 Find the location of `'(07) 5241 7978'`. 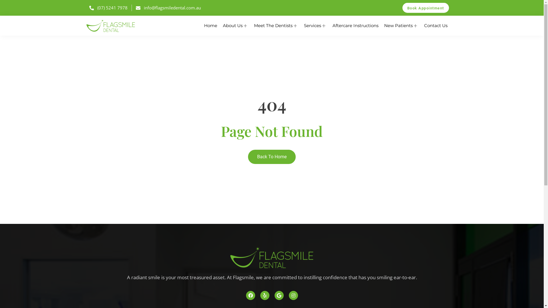

'(07) 5241 7978' is located at coordinates (108, 8).